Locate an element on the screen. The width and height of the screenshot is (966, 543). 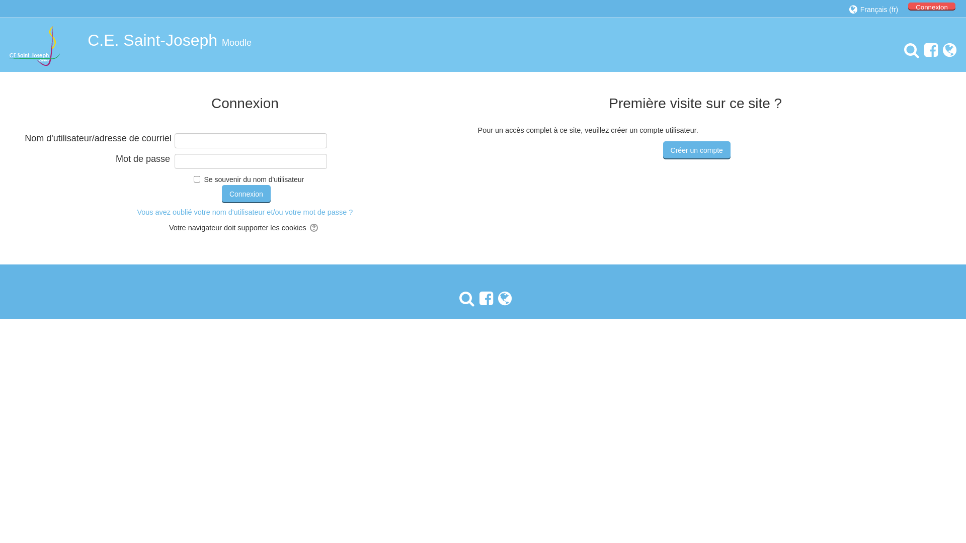
'Connexion' is located at coordinates (246, 194).